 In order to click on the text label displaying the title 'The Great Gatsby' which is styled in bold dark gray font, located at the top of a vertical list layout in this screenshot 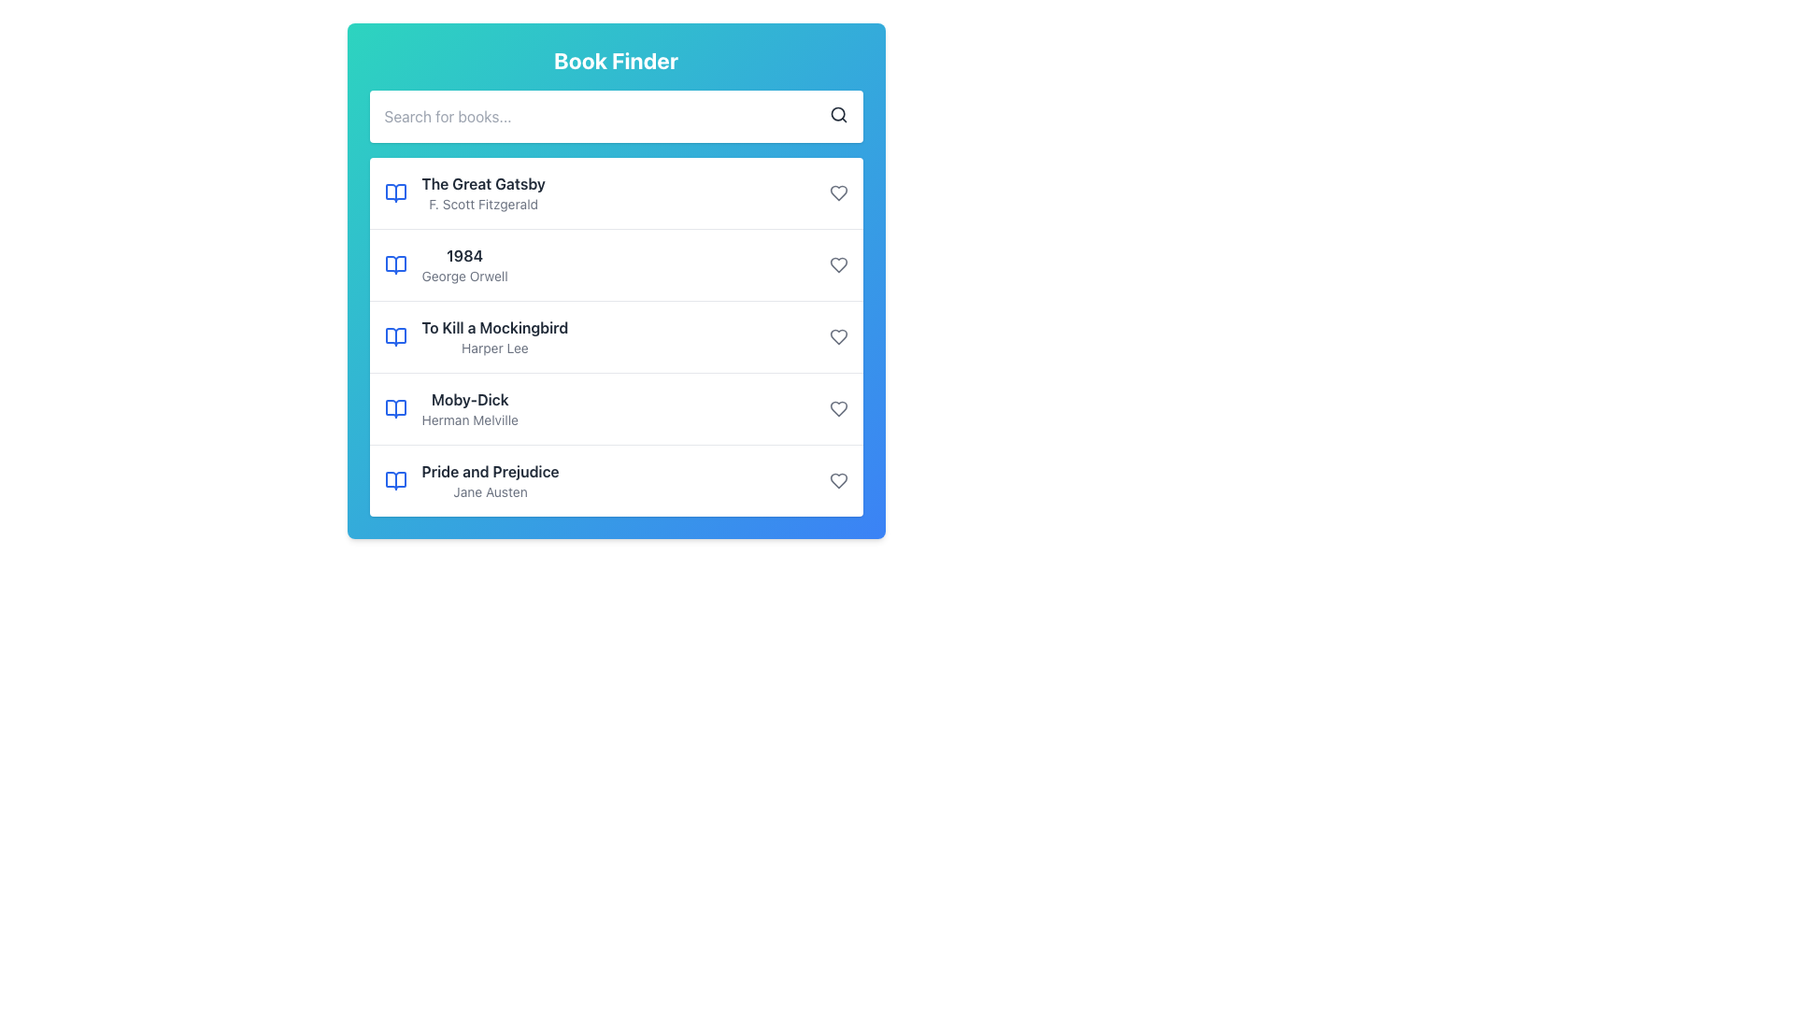, I will do `click(483, 183)`.